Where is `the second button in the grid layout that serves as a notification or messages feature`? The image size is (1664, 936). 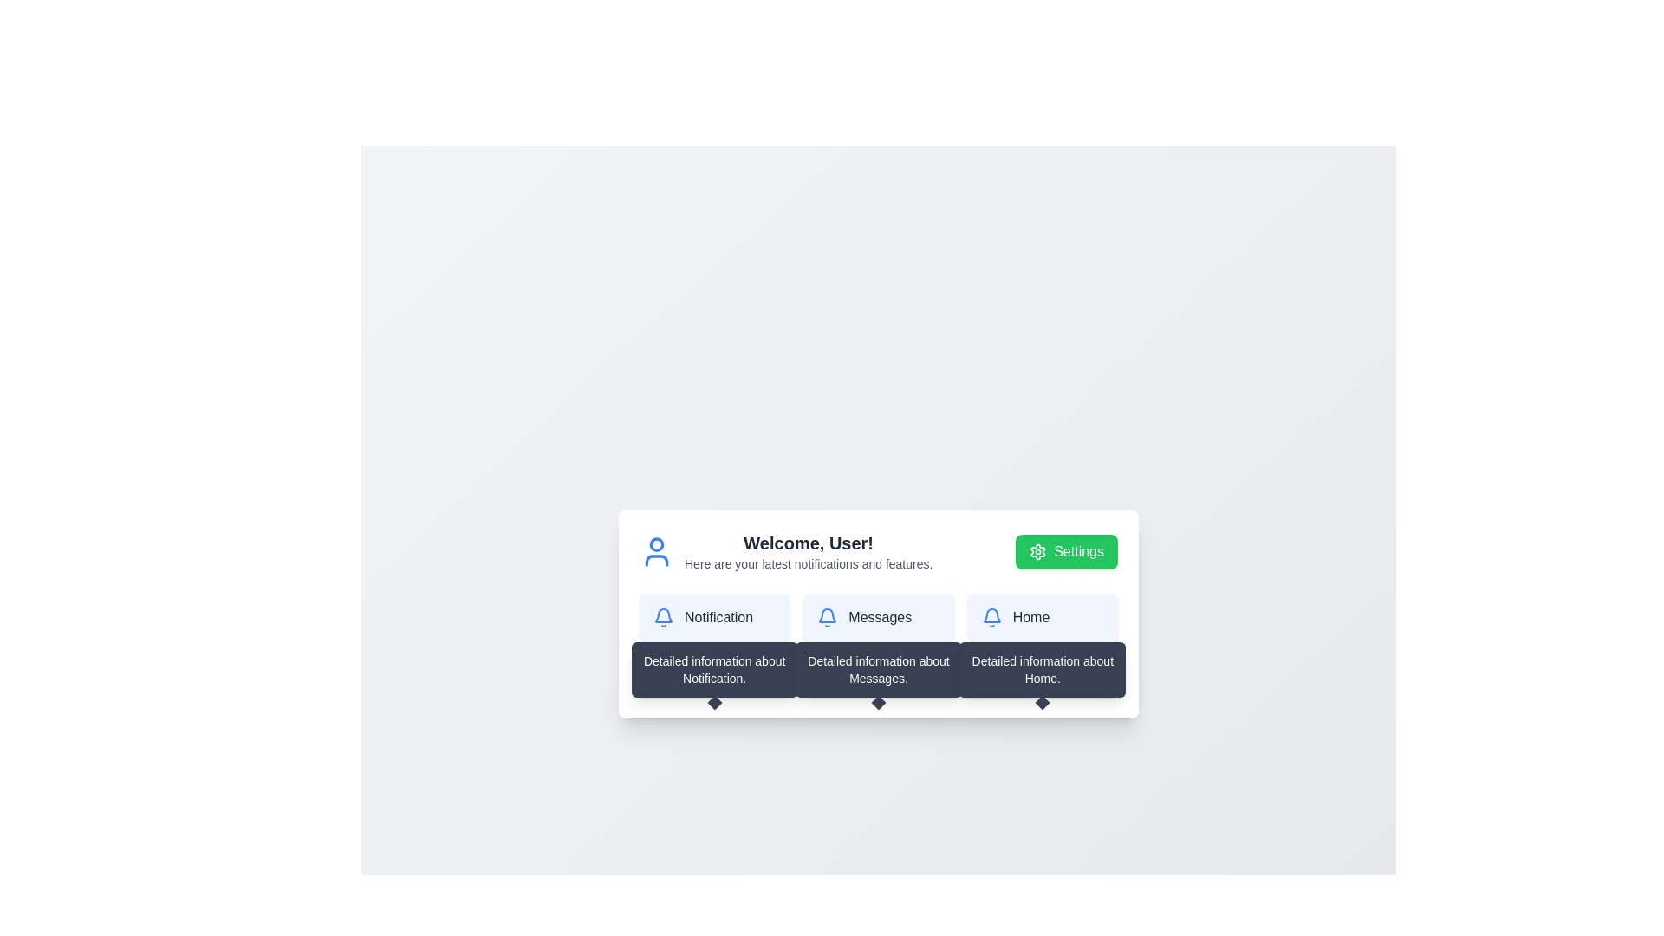 the second button in the grid layout that serves as a notification or messages feature is located at coordinates (878, 617).